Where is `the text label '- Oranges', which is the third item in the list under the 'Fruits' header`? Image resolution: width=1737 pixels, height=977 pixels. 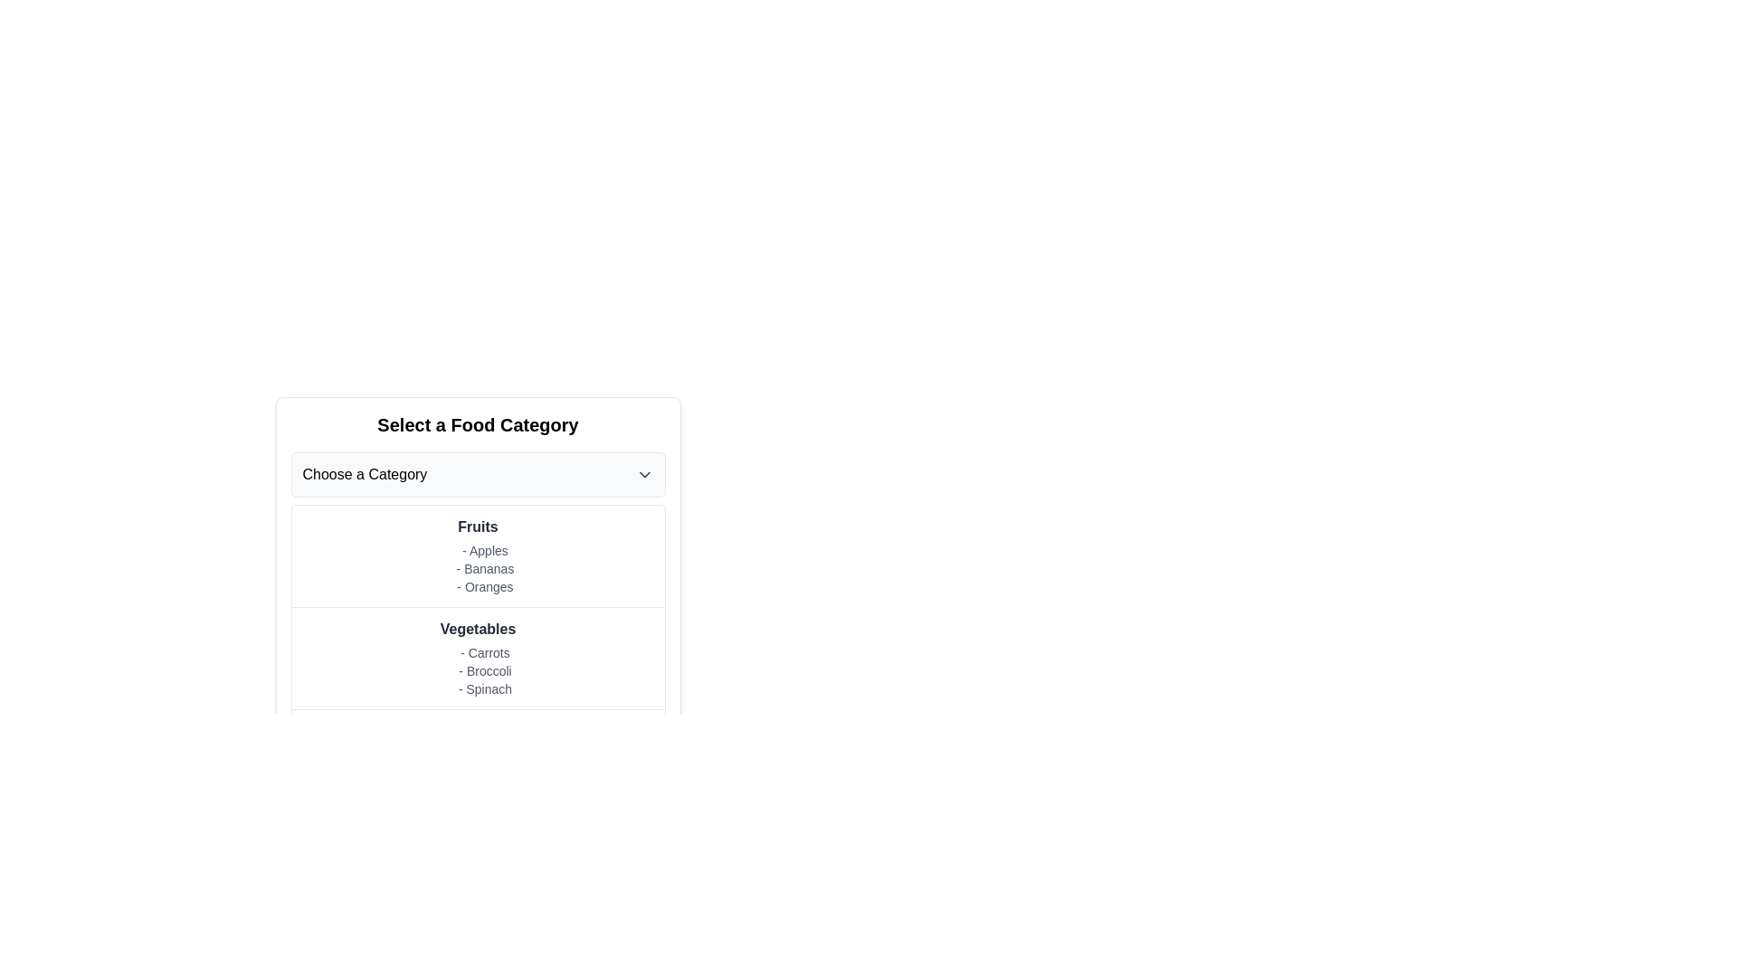 the text label '- Oranges', which is the third item in the list under the 'Fruits' header is located at coordinates (485, 586).